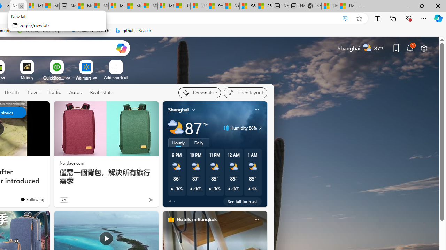 This screenshot has height=250, width=446. Describe the element at coordinates (256, 219) in the screenshot. I see `'Class: icon-img'` at that location.